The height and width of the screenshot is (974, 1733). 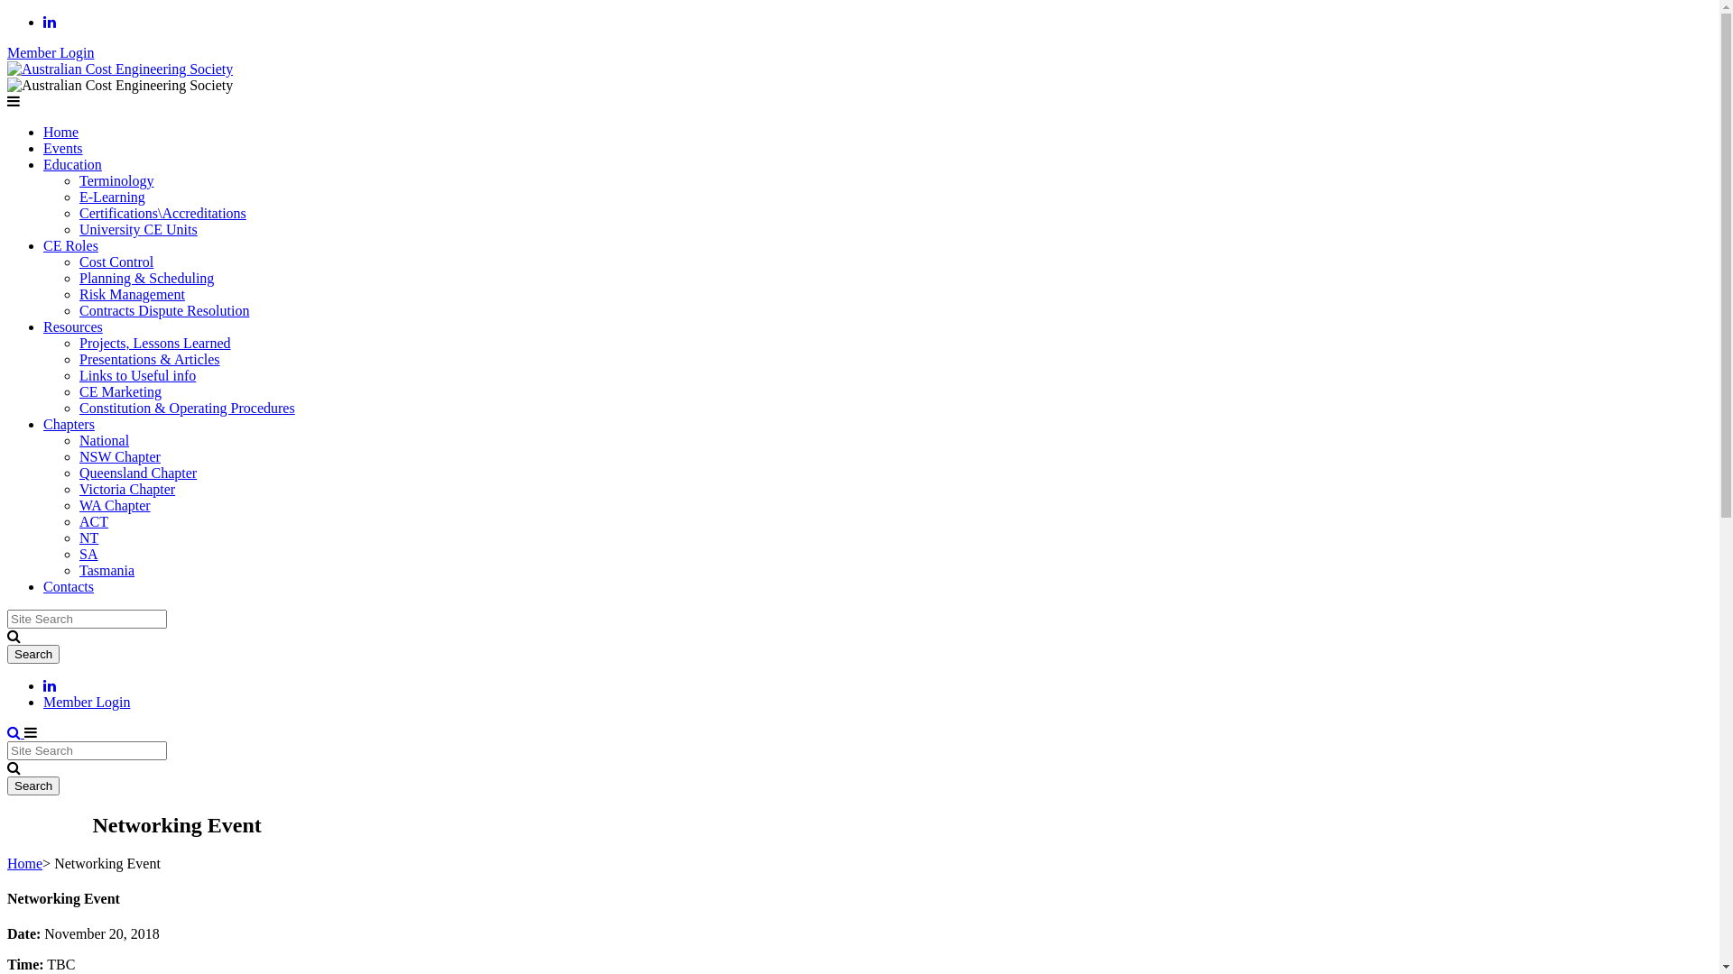 What do you see at coordinates (119, 391) in the screenshot?
I see `'CE Marketing'` at bounding box center [119, 391].